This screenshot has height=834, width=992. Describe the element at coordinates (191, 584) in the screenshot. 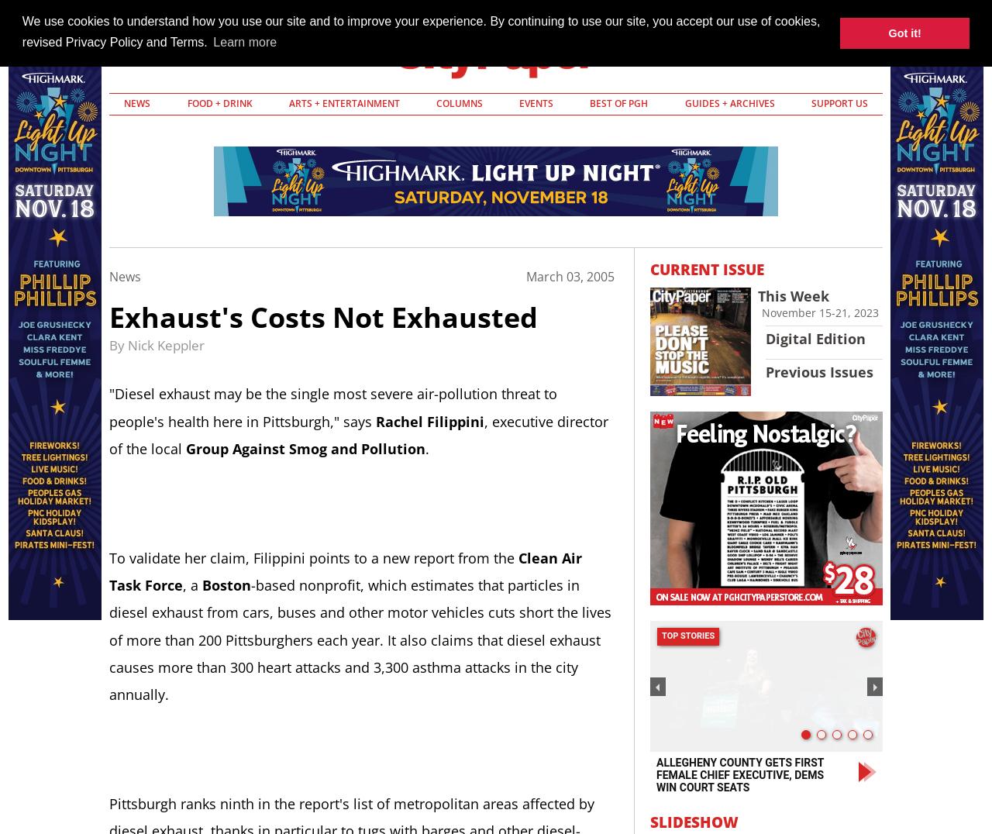

I see `', a'` at that location.